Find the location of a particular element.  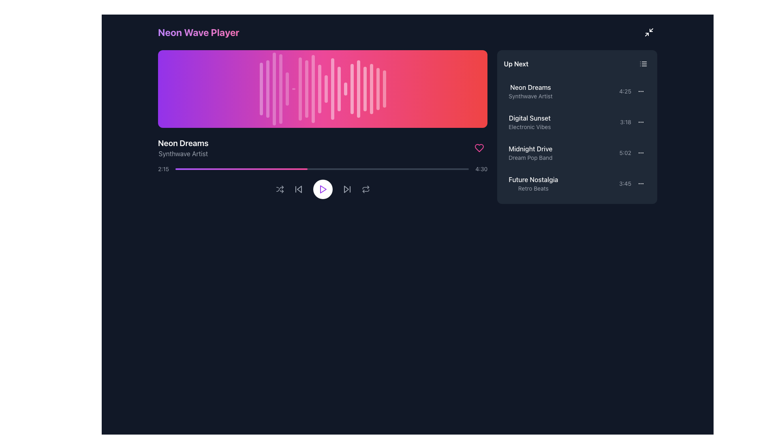

playback position is located at coordinates (231, 168).